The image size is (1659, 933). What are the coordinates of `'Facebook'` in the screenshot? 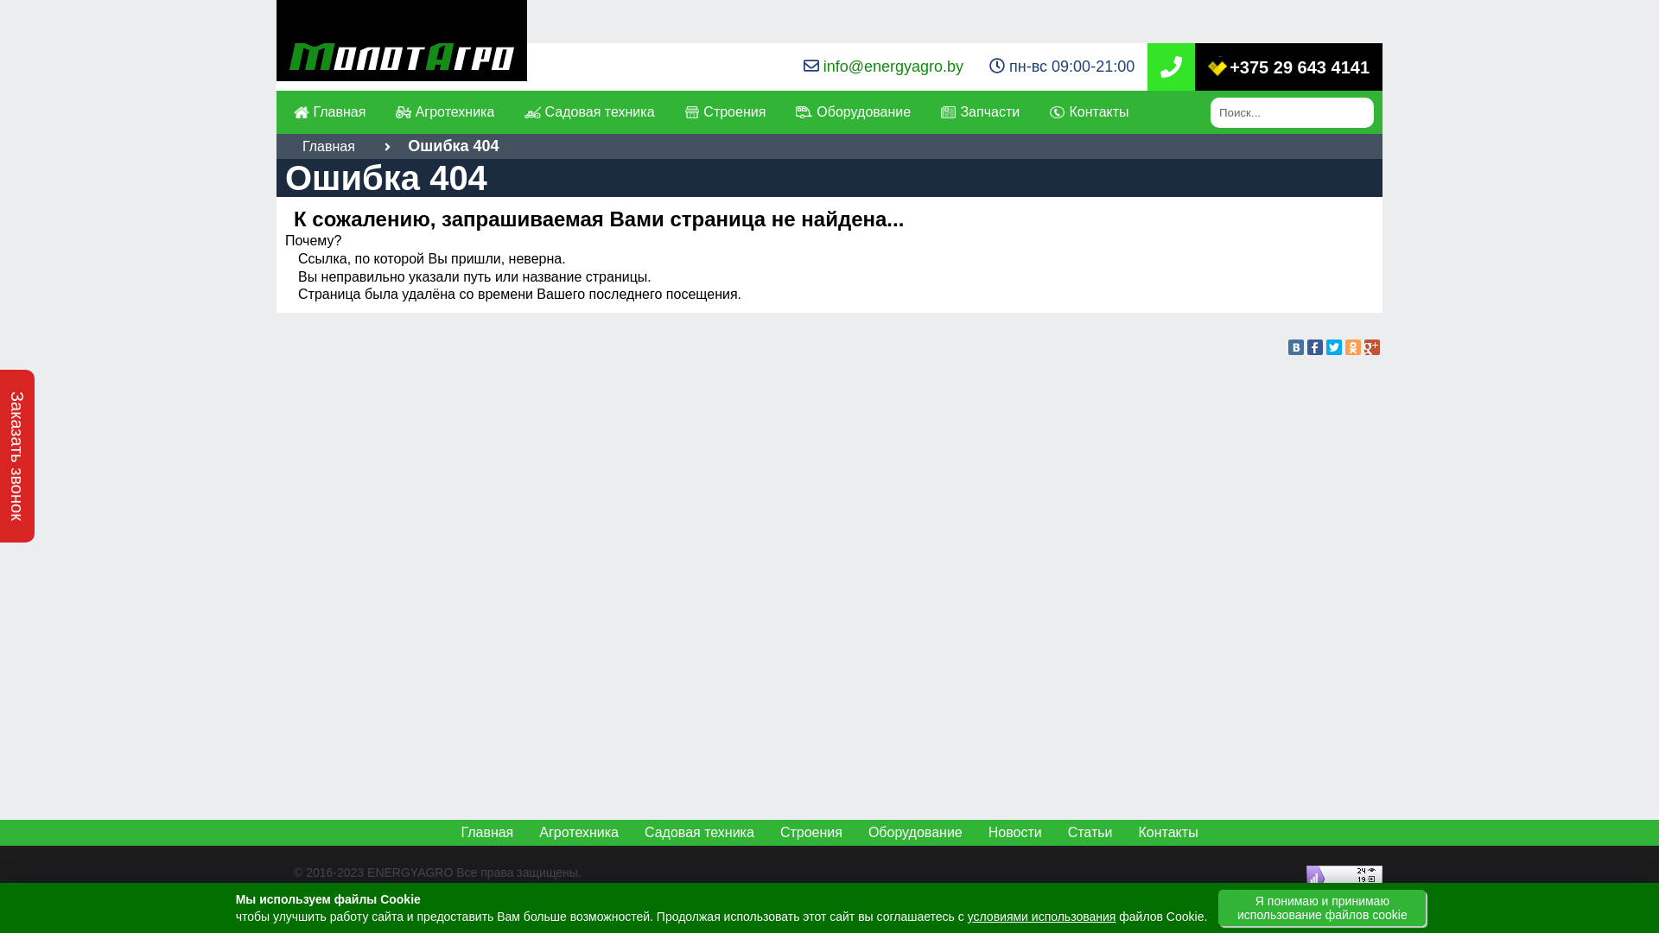 It's located at (1313, 346).